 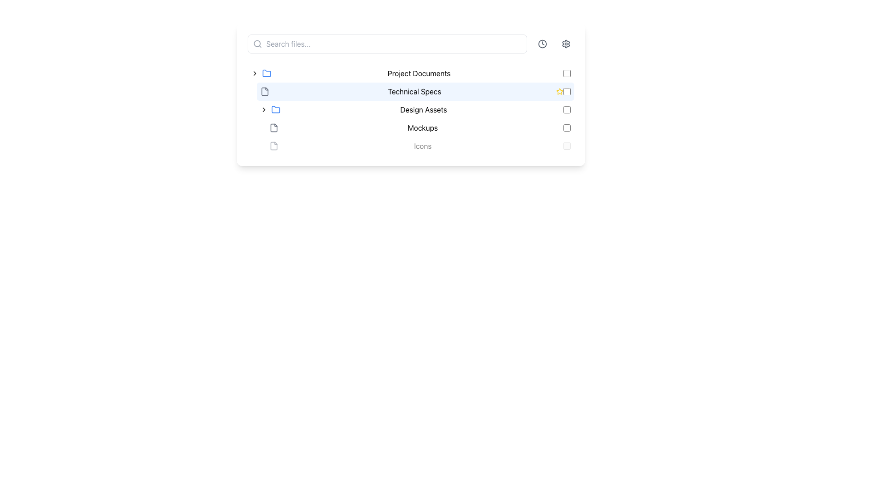 I want to click on the stylized document icon next to the 'Technical Specs' label to trigger hover effects, so click(x=274, y=127).